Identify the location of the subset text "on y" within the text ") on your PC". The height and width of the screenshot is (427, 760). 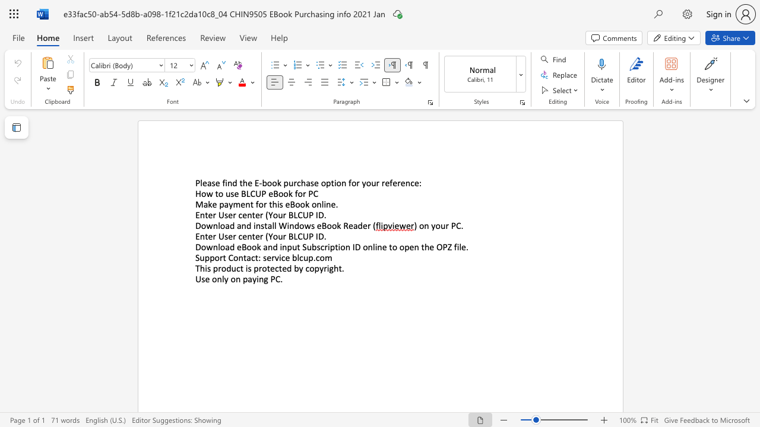
(419, 225).